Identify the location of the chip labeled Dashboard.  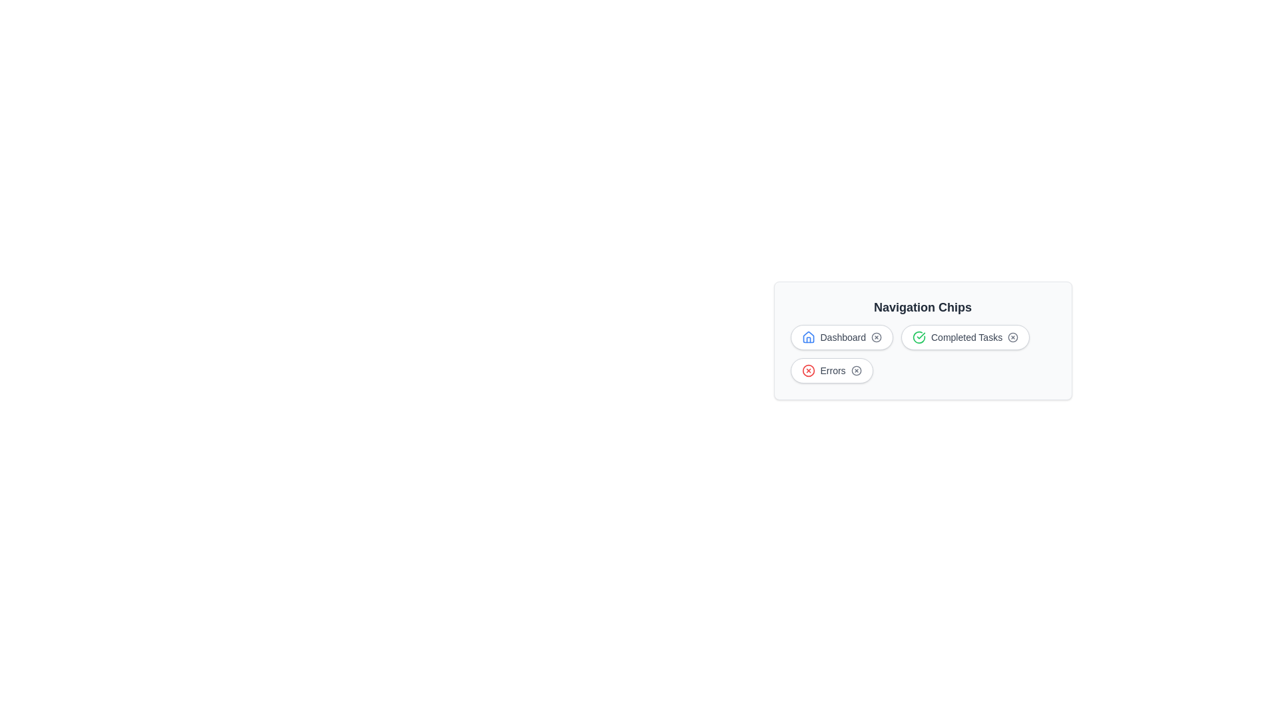
(841, 336).